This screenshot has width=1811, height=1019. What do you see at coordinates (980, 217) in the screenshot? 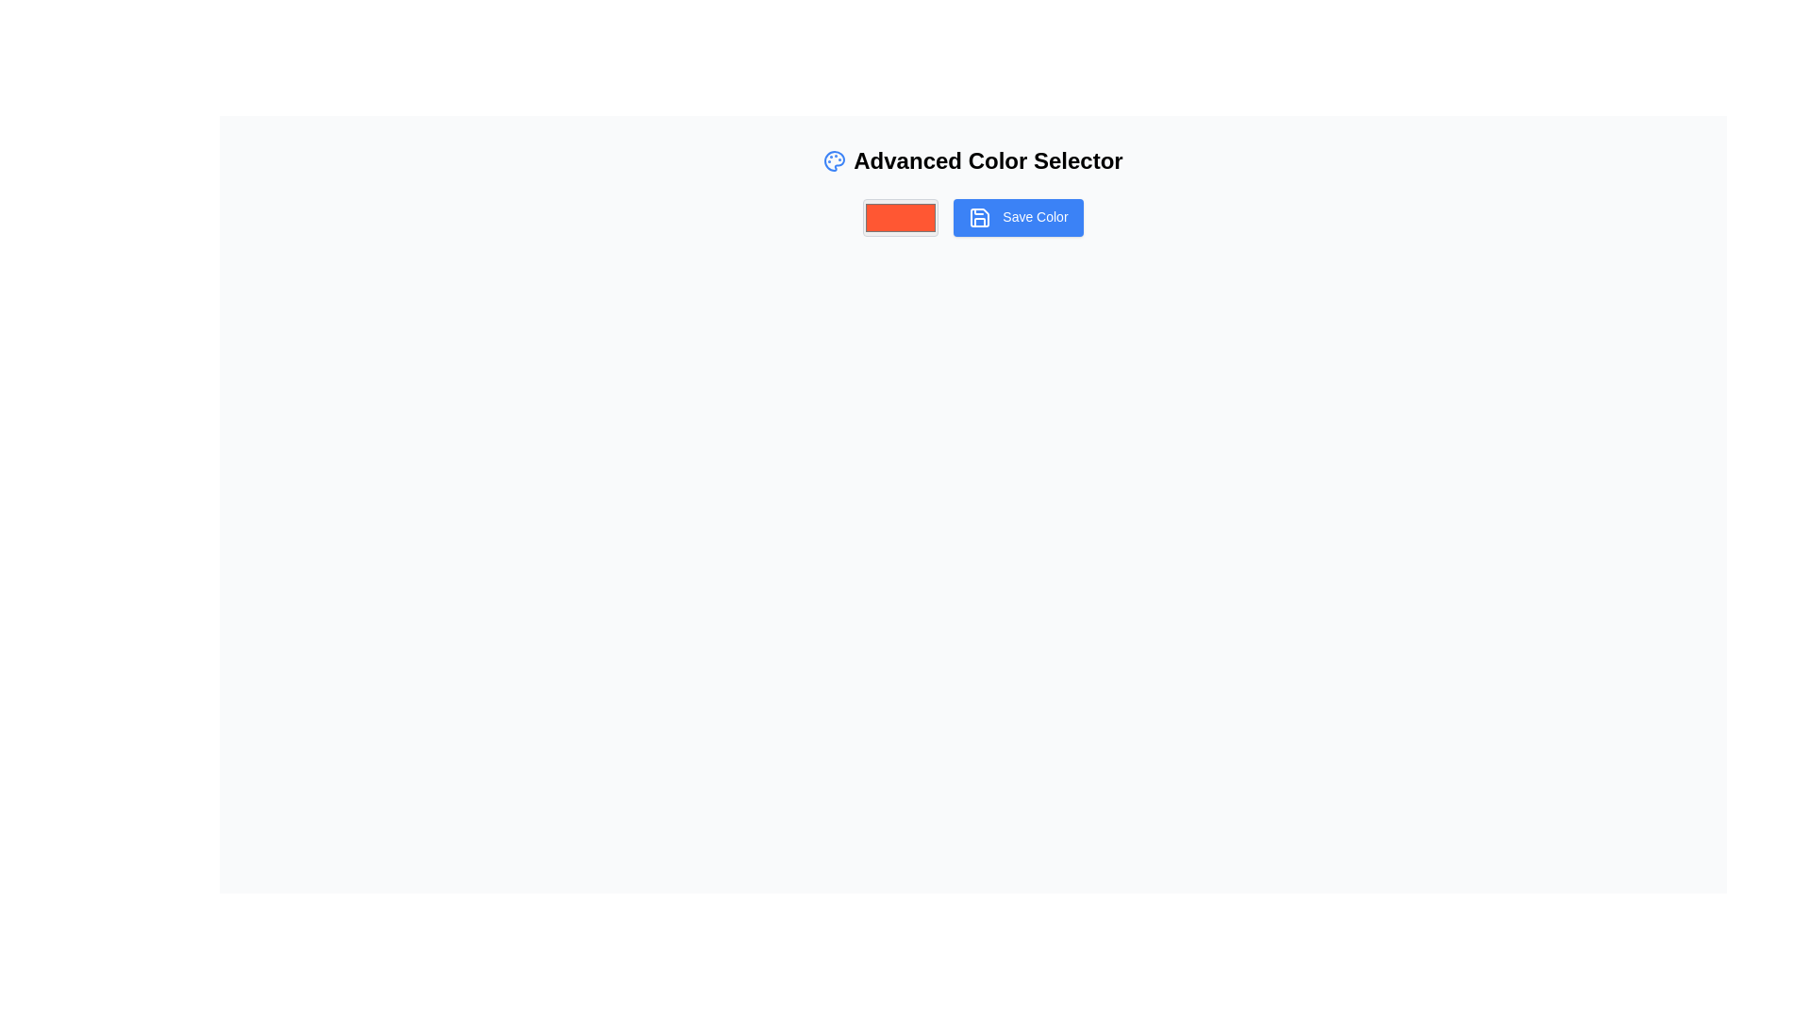
I see `the blue floppy disk icon located to the left of the 'Save Color' text within the button` at bounding box center [980, 217].